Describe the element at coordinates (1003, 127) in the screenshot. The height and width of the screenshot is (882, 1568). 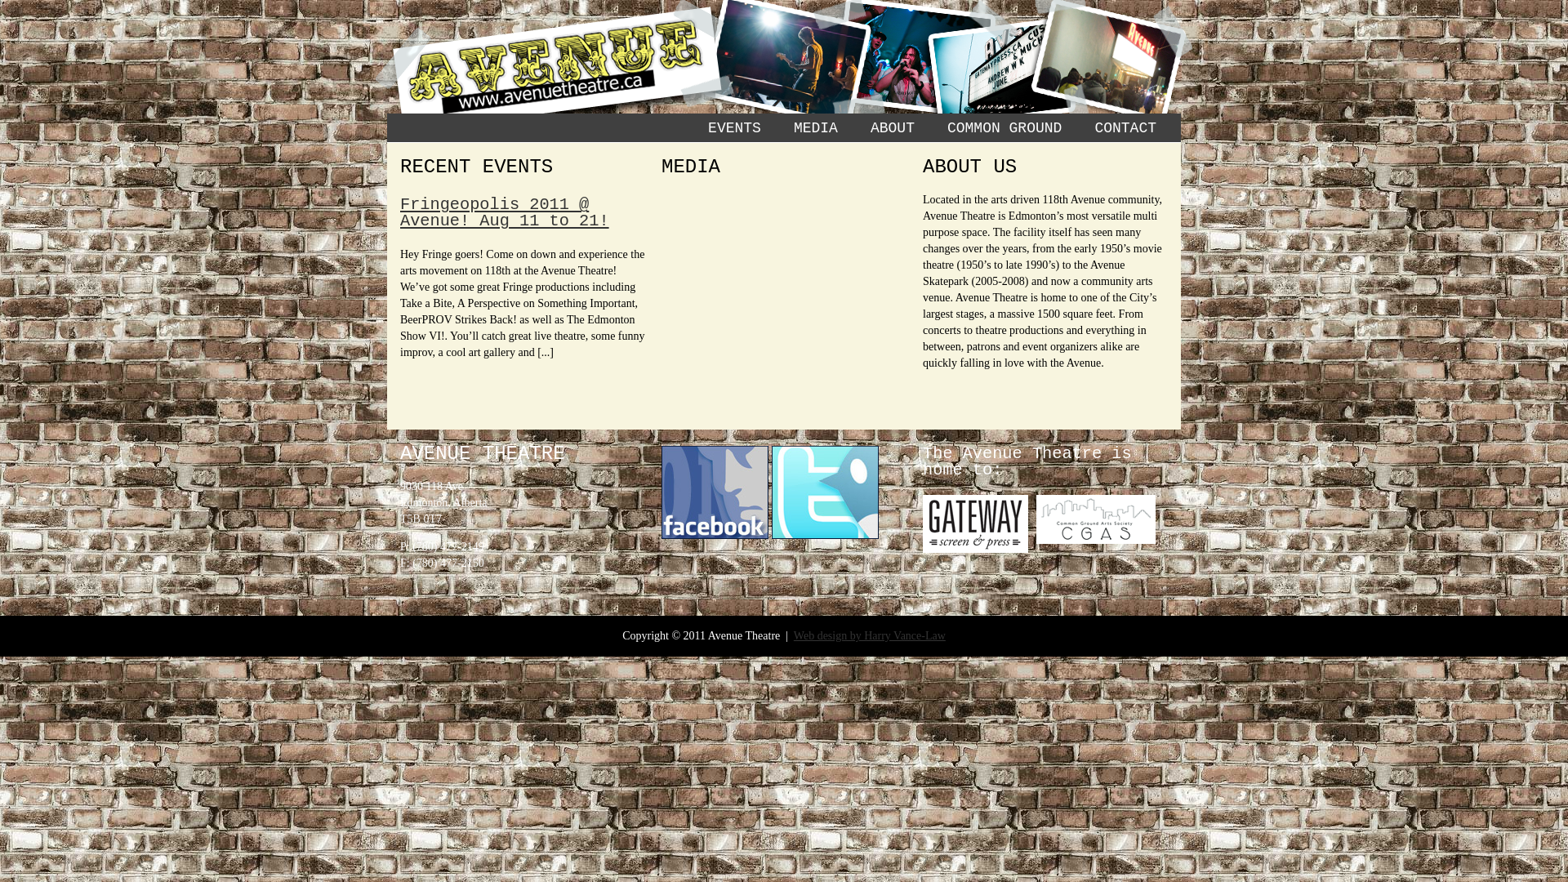
I see `'COMMON GROUND'` at that location.